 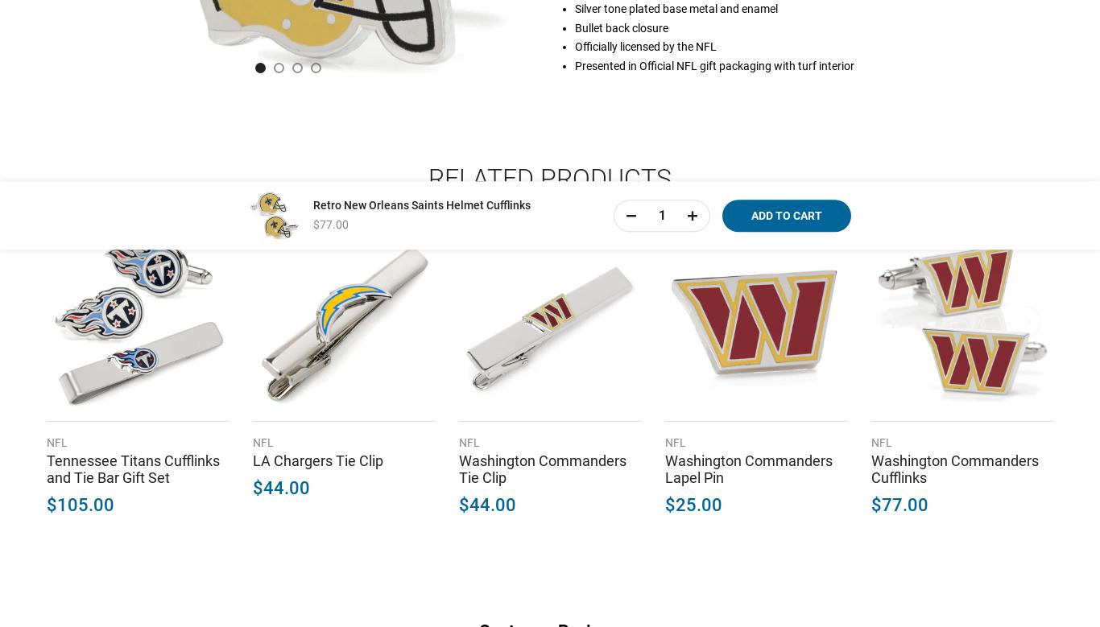 What do you see at coordinates (664, 504) in the screenshot?
I see `'$25.00'` at bounding box center [664, 504].